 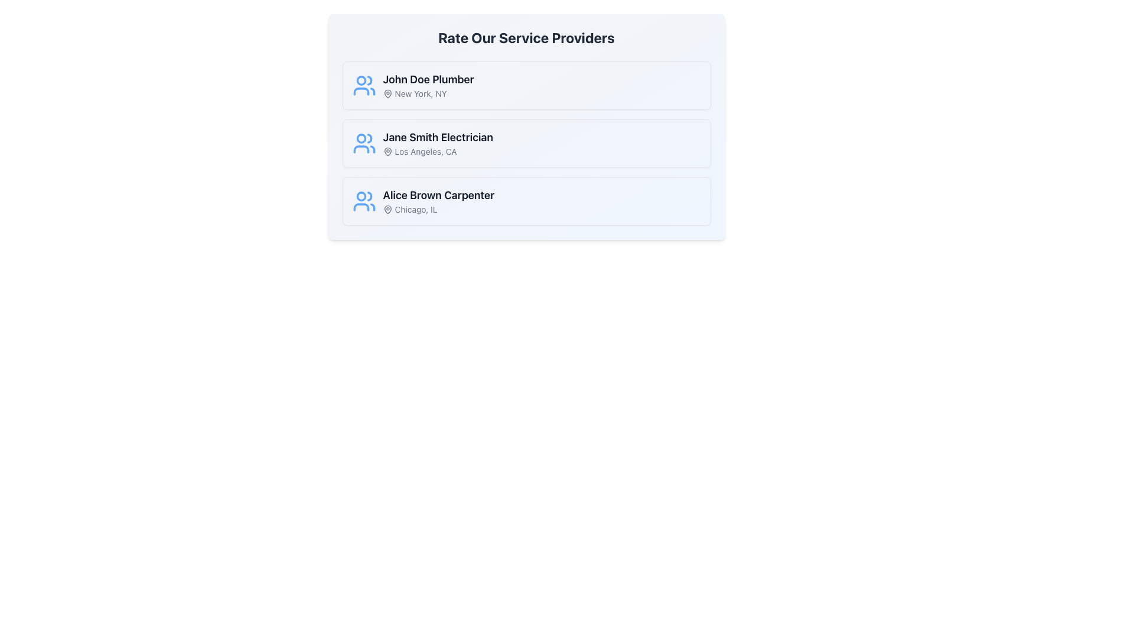 What do you see at coordinates (387, 151) in the screenshot?
I see `the Map Pin icon indicating the location 'Los Angeles, CA' associated with 'Jane Smith Electrician'` at bounding box center [387, 151].